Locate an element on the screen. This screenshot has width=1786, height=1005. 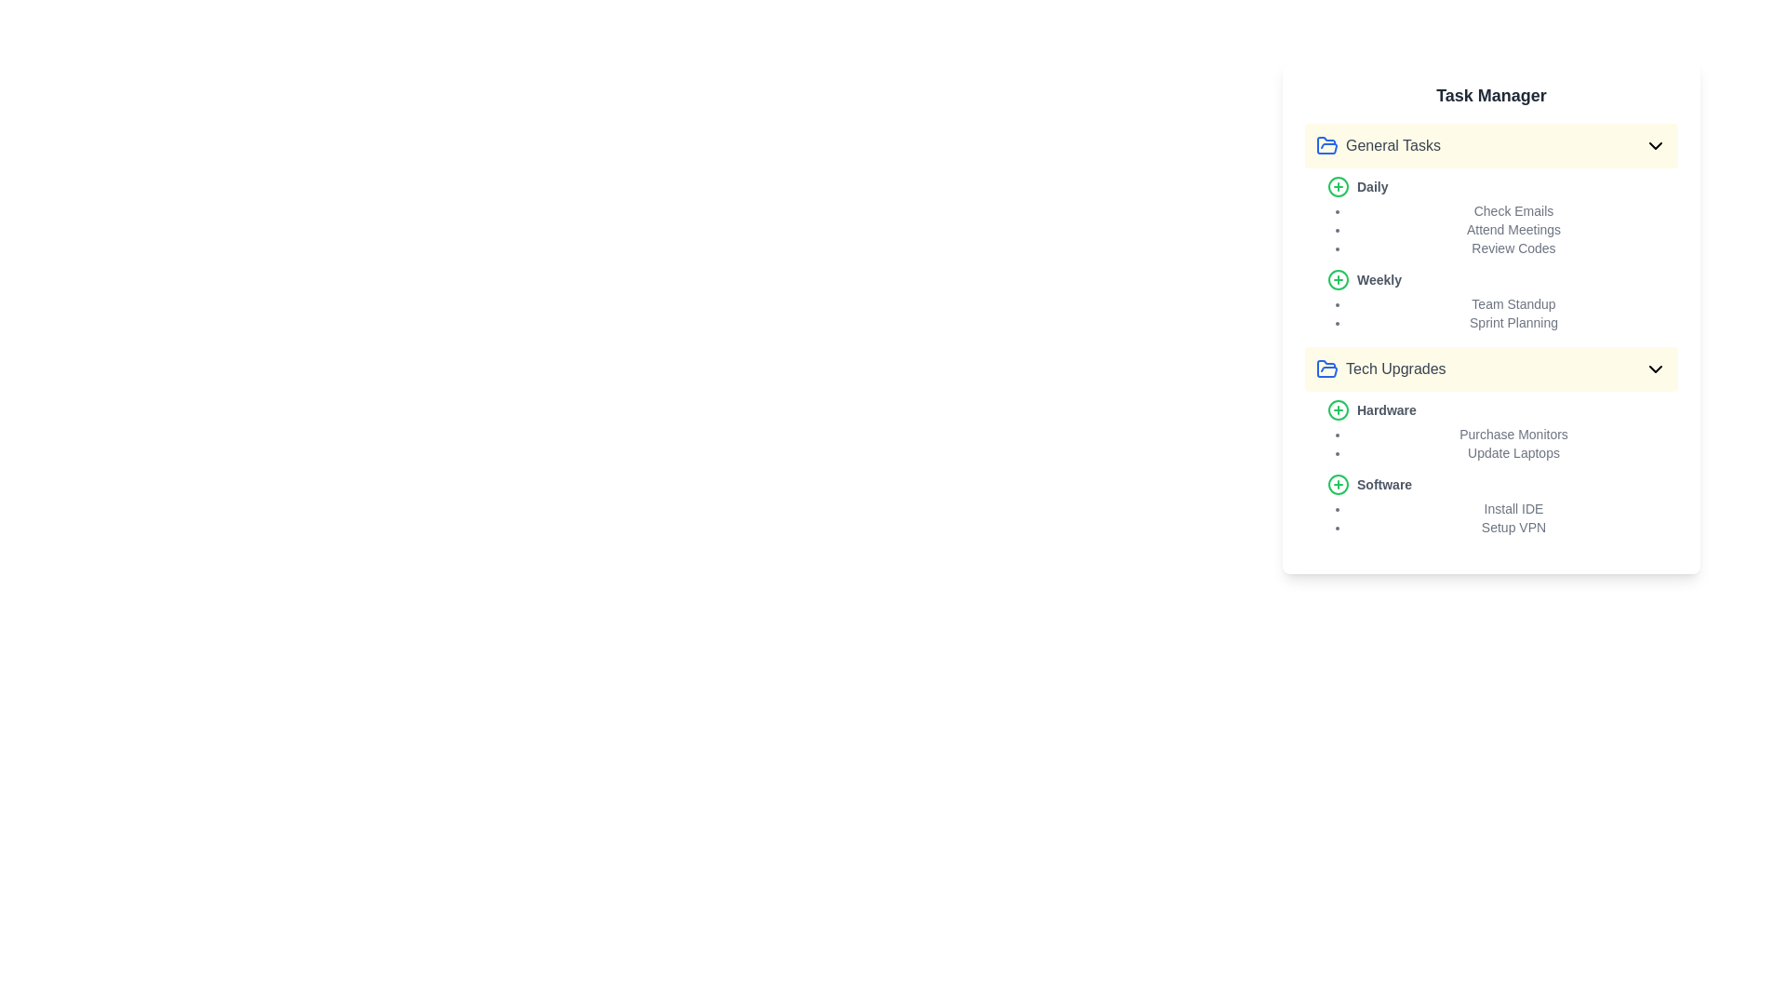
the text block or list item in the 'Software' section of the 'Tech Upgrades' category in the 'Task Manager' interface that lists tasks related to installing an IDE and setting up a VPN is located at coordinates (1502, 517).